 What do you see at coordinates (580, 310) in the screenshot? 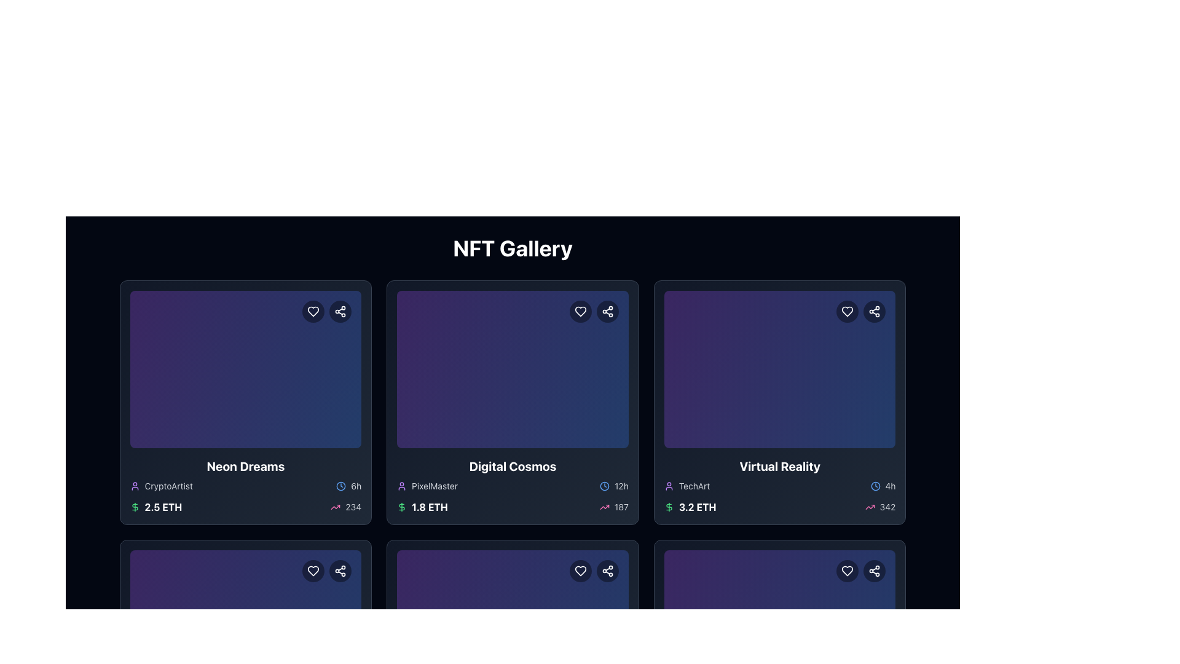
I see `the button located at the top-right of its containing card to mark the item as favorite` at bounding box center [580, 310].